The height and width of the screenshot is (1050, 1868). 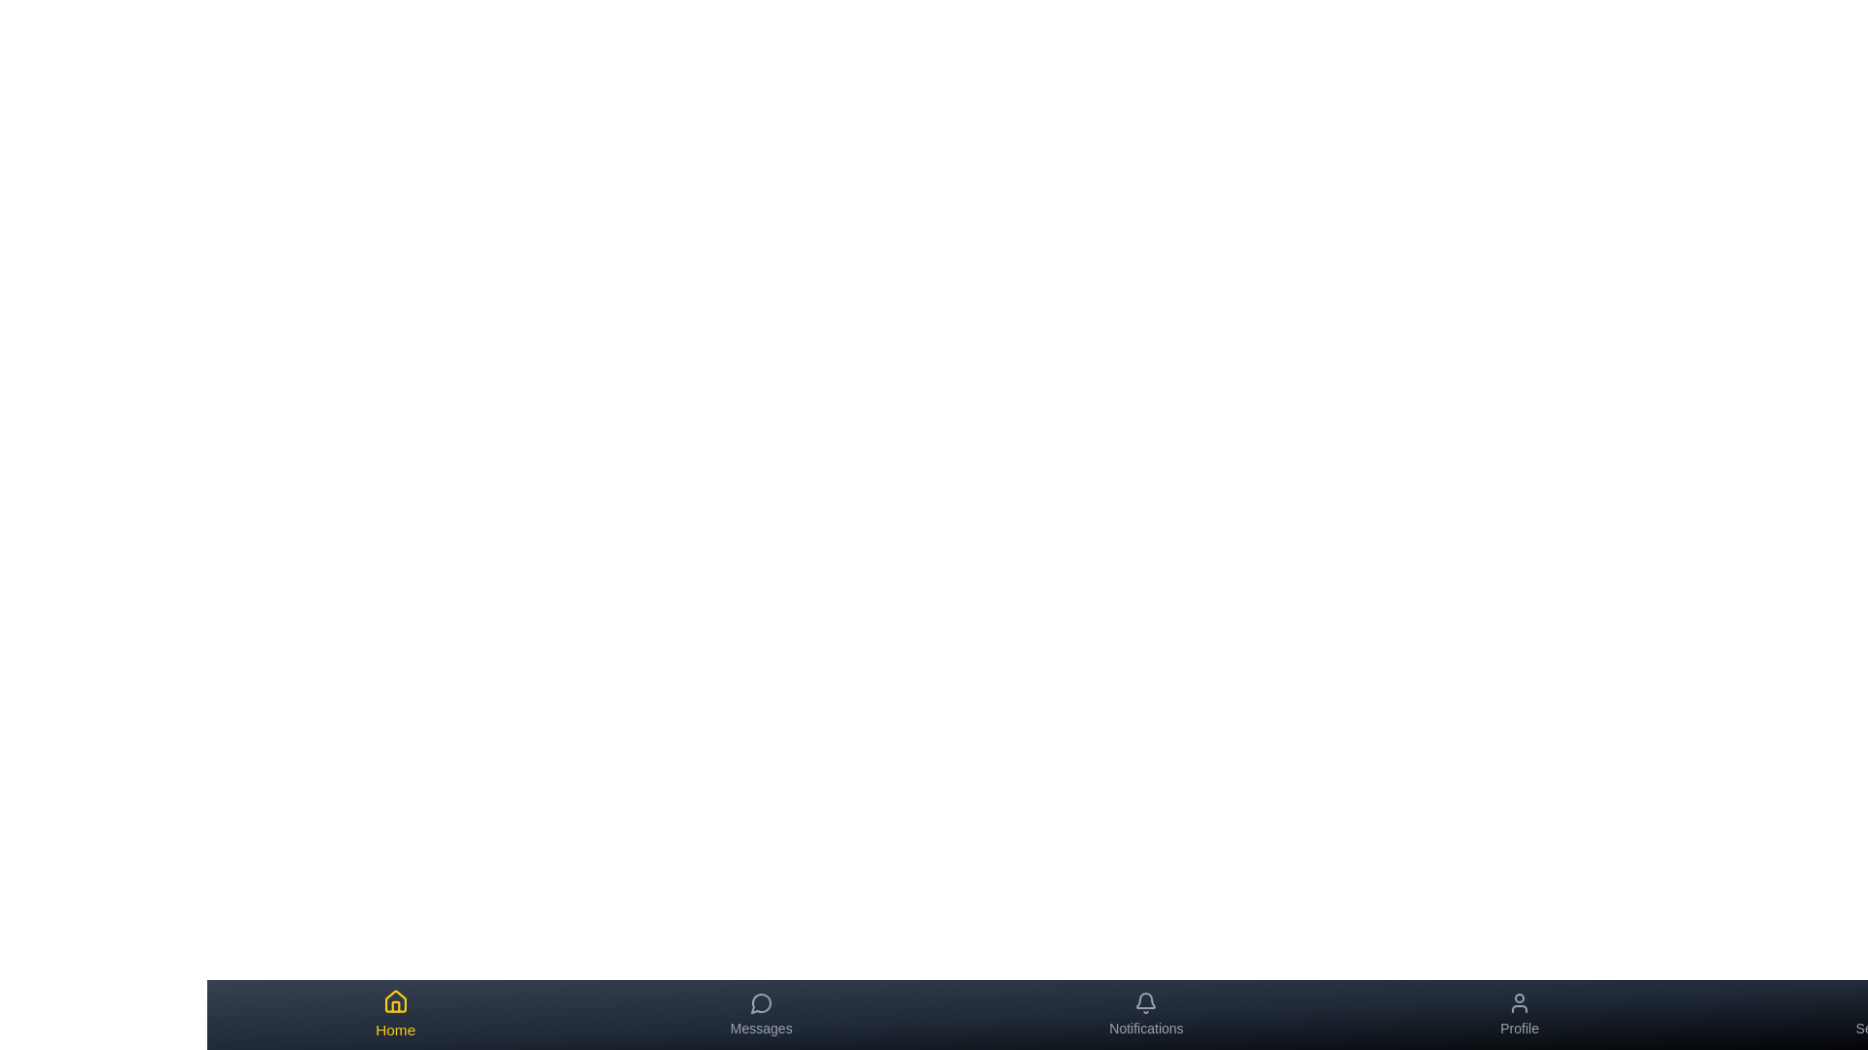 I want to click on the tab labeled Profile to view its hover effect, so click(x=1519, y=1014).